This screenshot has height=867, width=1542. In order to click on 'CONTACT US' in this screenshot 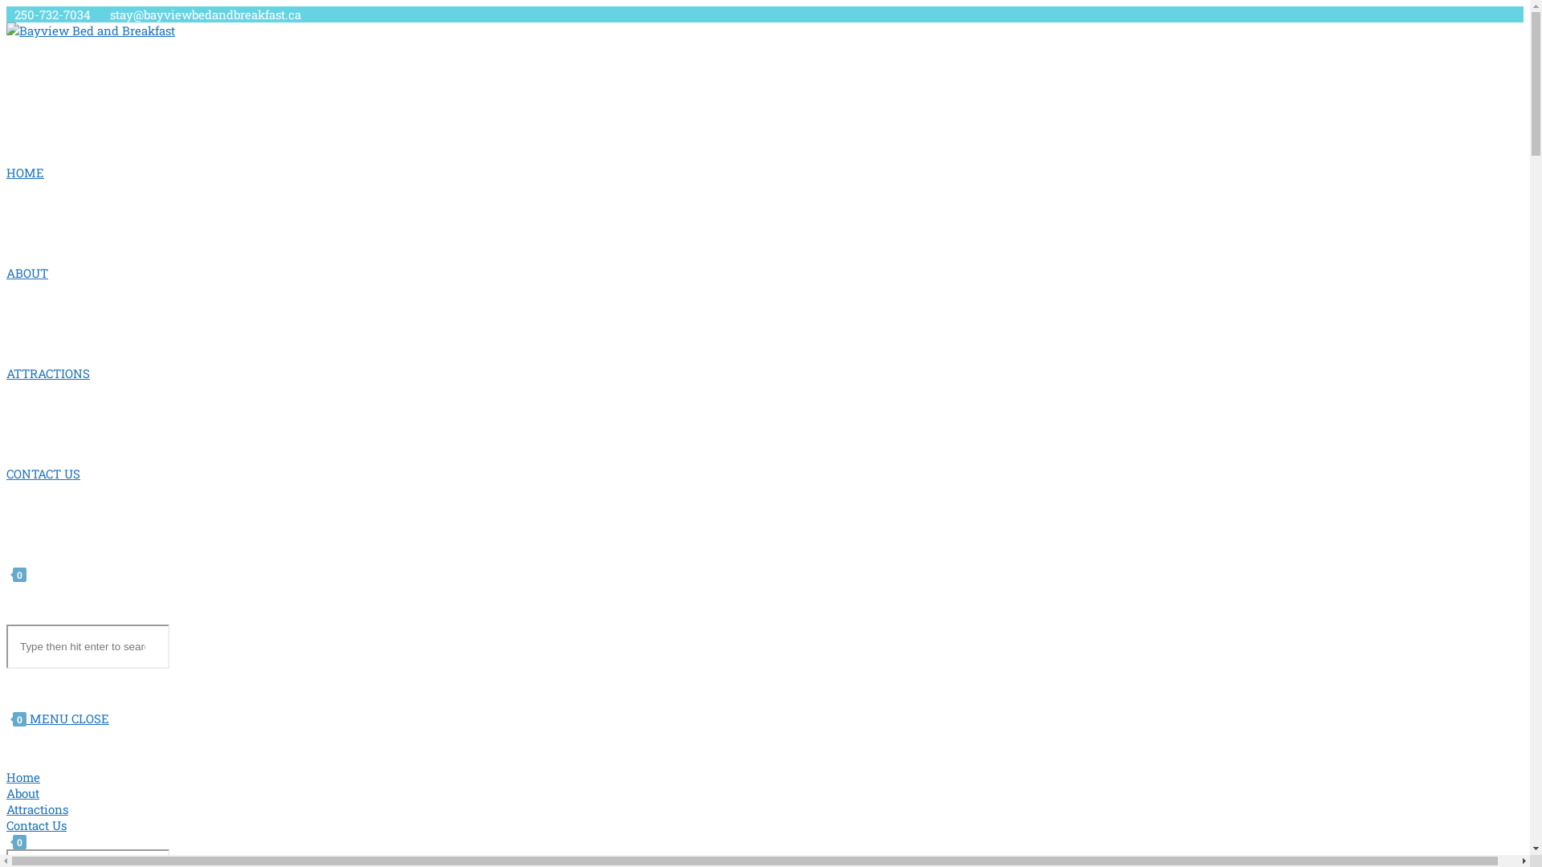, I will do `click(43, 473)`.